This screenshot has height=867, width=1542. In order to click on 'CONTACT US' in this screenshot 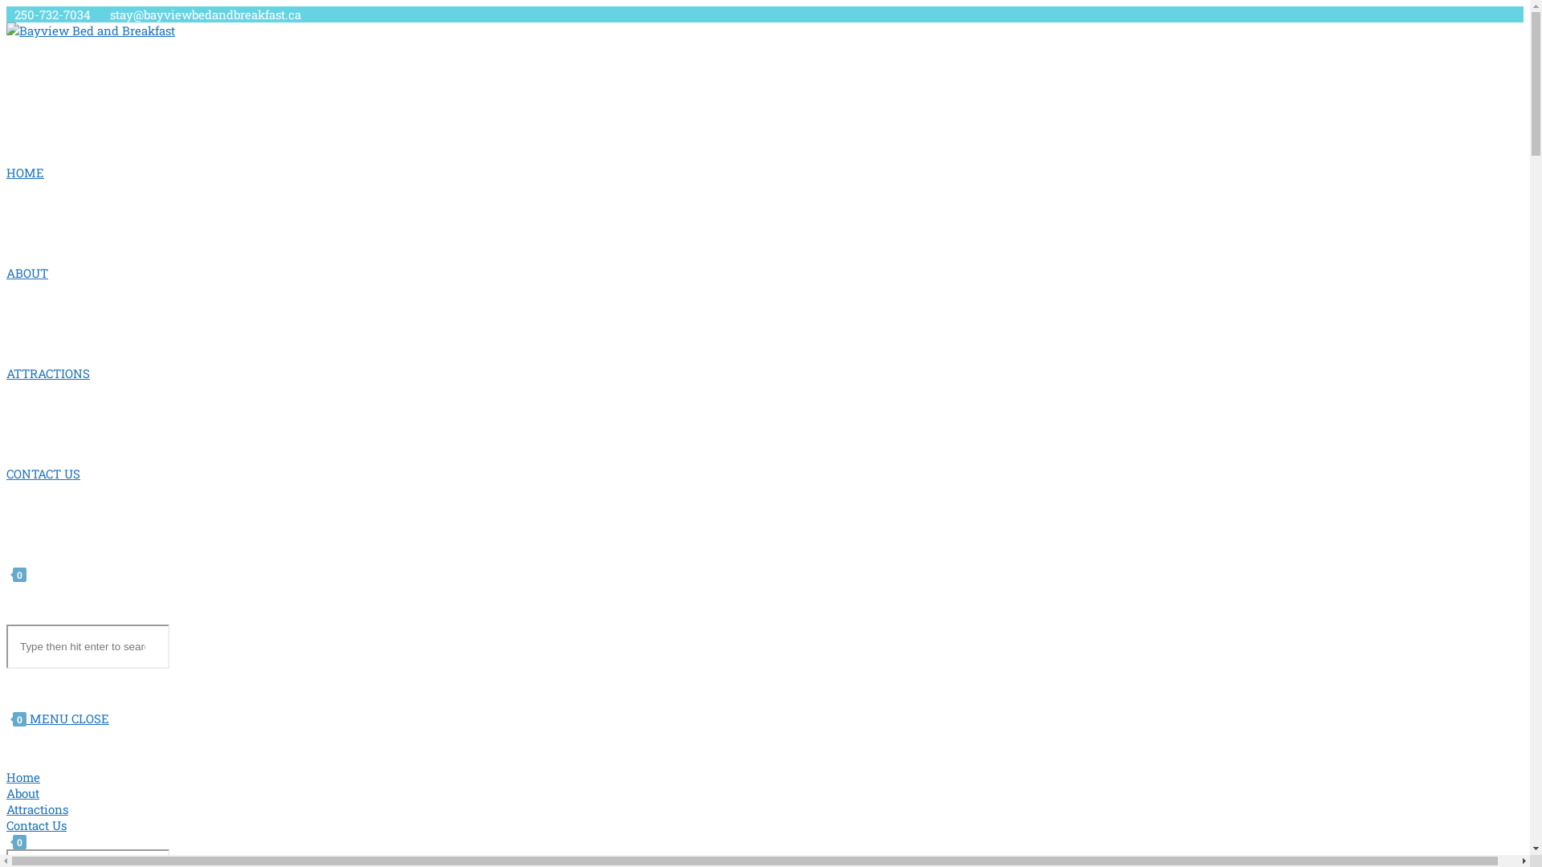, I will do `click(43, 473)`.